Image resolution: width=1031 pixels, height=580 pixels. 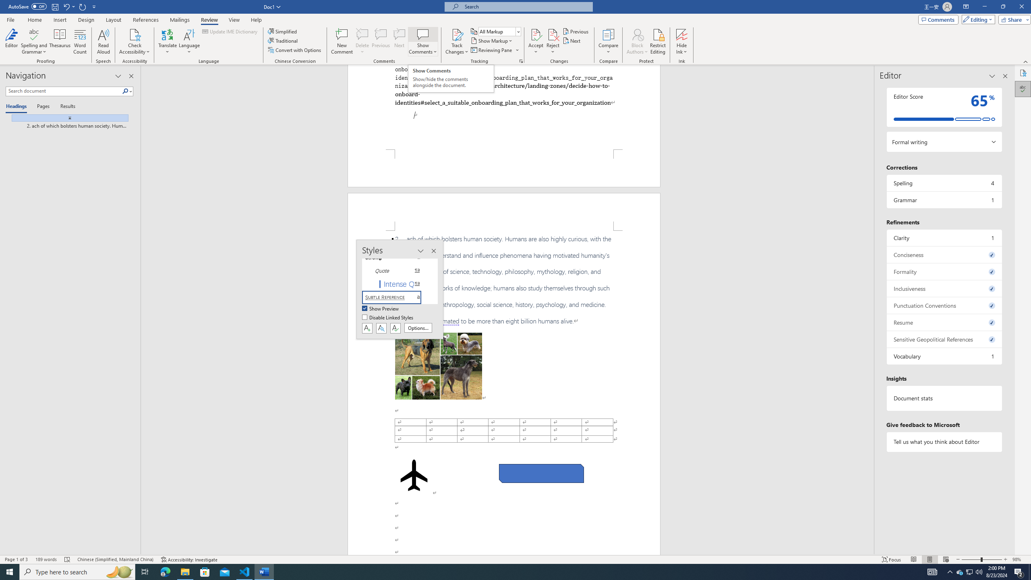 What do you see at coordinates (341, 41) in the screenshot?
I see `'New Comment'` at bounding box center [341, 41].